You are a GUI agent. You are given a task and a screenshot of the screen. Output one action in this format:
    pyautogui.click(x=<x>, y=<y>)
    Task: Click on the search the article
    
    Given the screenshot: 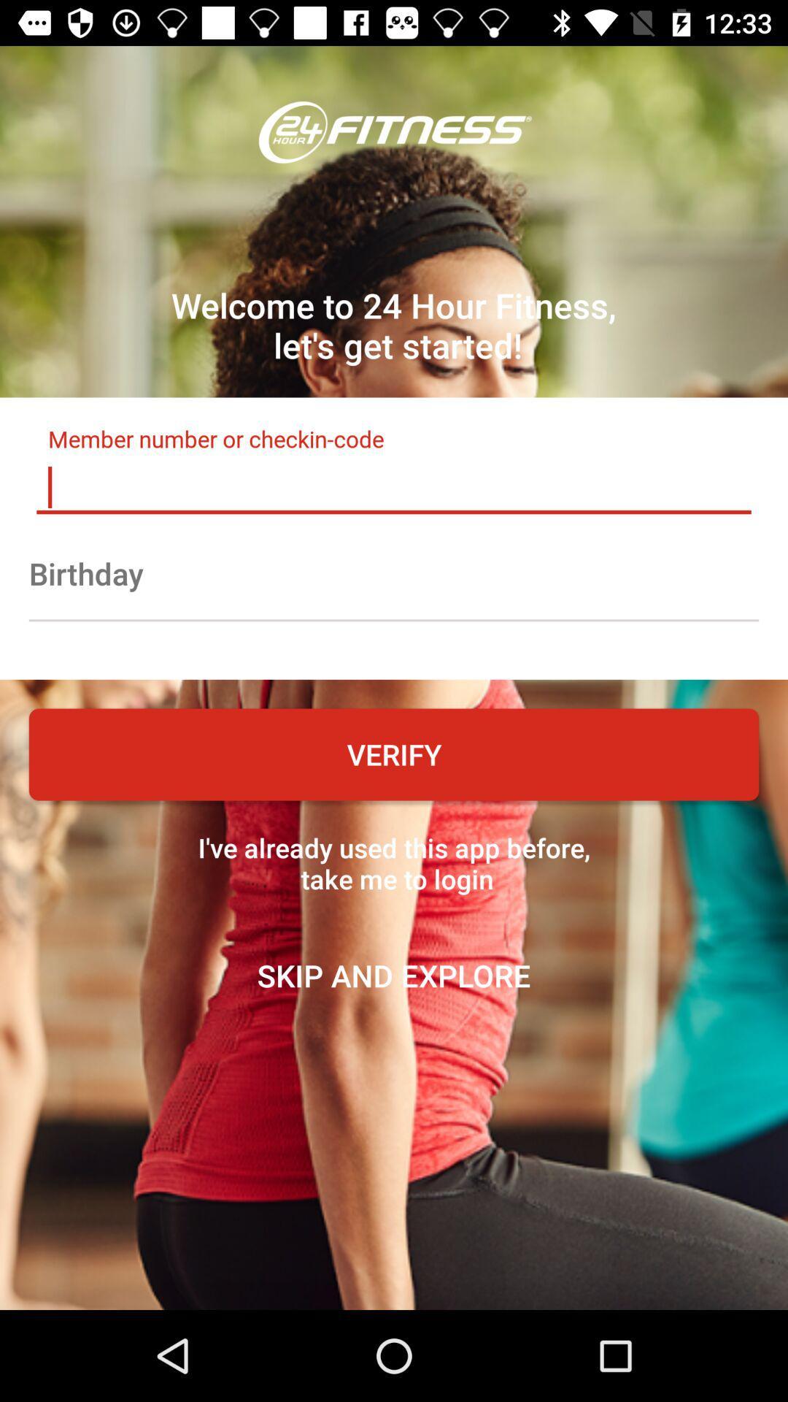 What is the action you would take?
    pyautogui.click(x=394, y=487)
    